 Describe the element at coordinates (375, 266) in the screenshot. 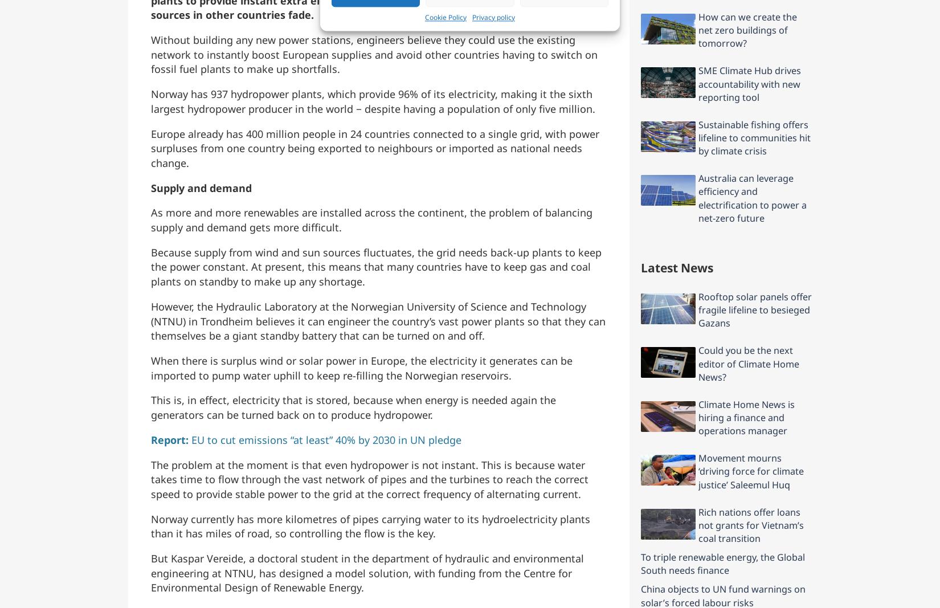

I see `'Because supply from wind and sun sources fluctuates, the grid needs back-up plants to keep the power constant. At present, this means that many countries have to keep gas and coal plants on standby to make up any shortage.'` at that location.